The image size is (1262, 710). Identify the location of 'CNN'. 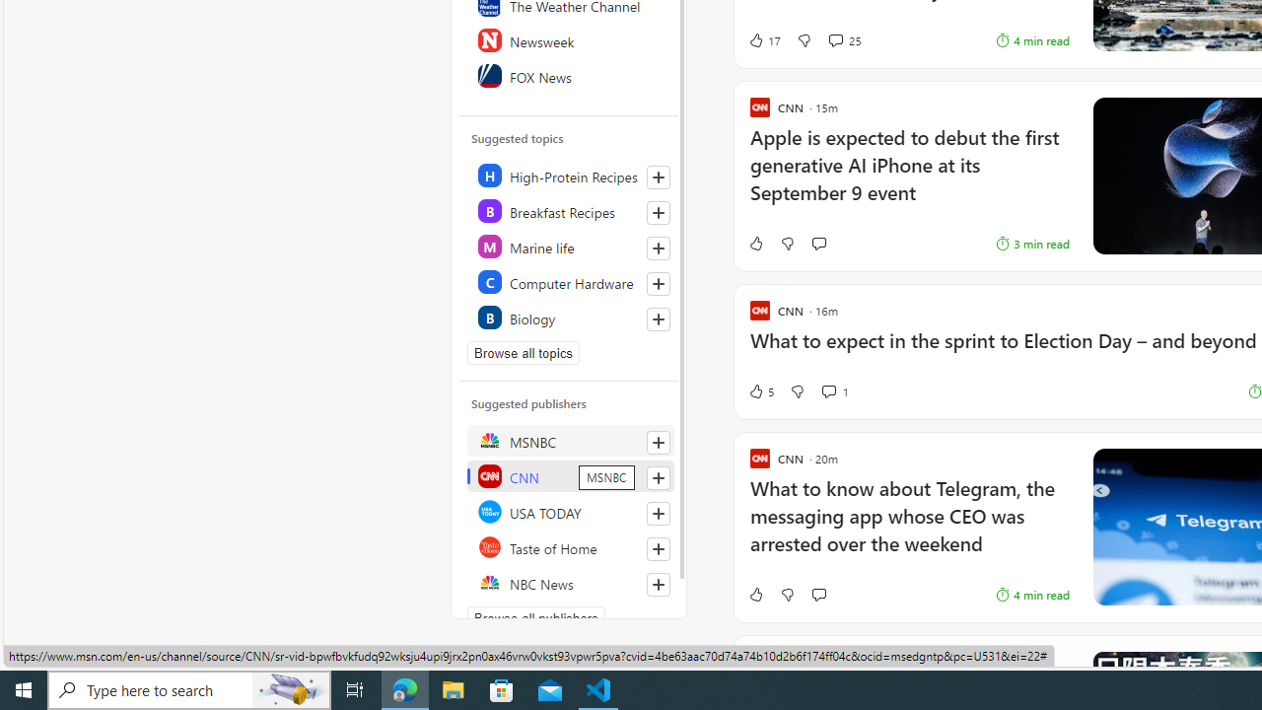
(569, 476).